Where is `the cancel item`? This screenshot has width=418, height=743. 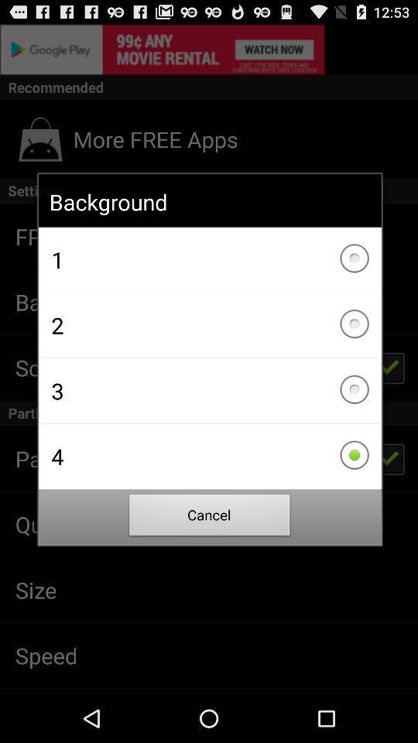
the cancel item is located at coordinates (209, 517).